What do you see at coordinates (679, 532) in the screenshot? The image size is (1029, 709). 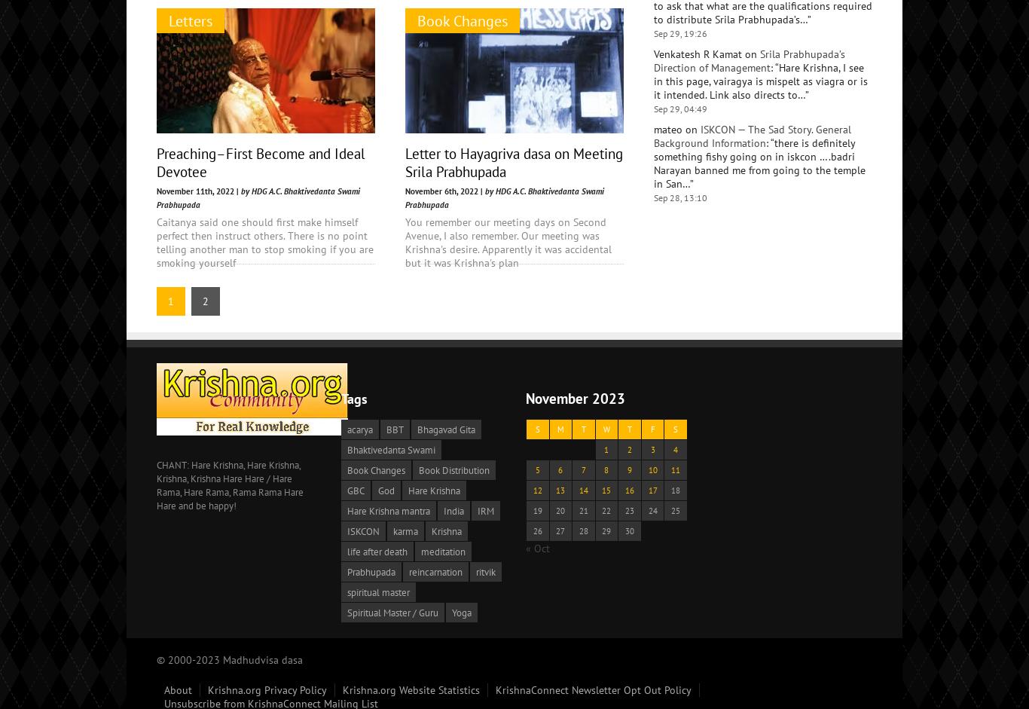 I see `'Sep 28, 13:10'` at bounding box center [679, 532].